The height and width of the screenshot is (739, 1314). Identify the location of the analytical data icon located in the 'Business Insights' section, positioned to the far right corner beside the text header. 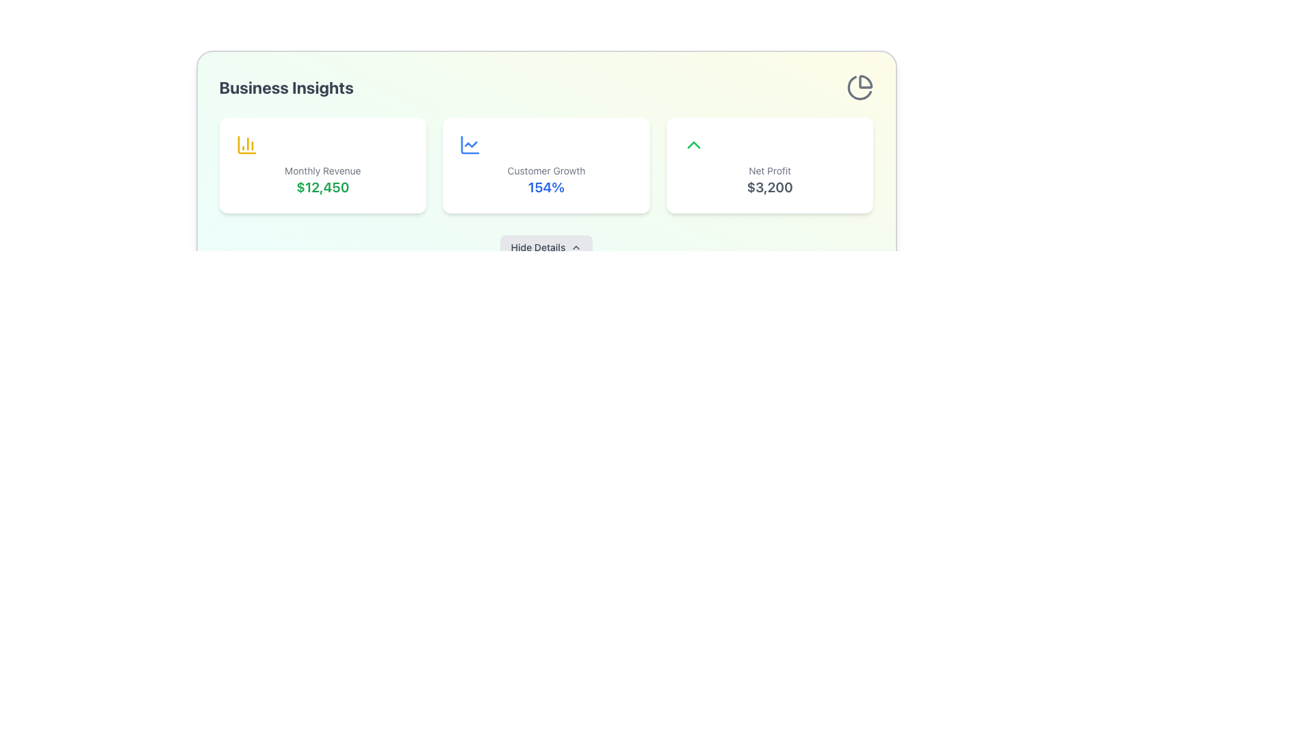
(859, 87).